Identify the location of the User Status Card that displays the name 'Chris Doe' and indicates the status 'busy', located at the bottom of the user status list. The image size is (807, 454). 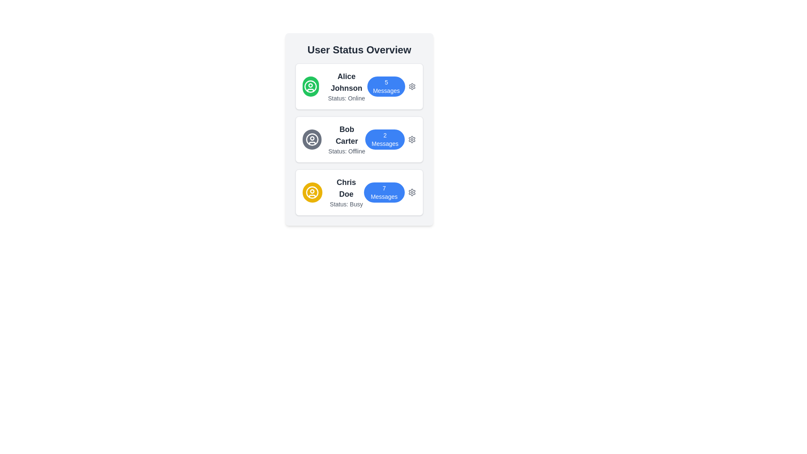
(332, 193).